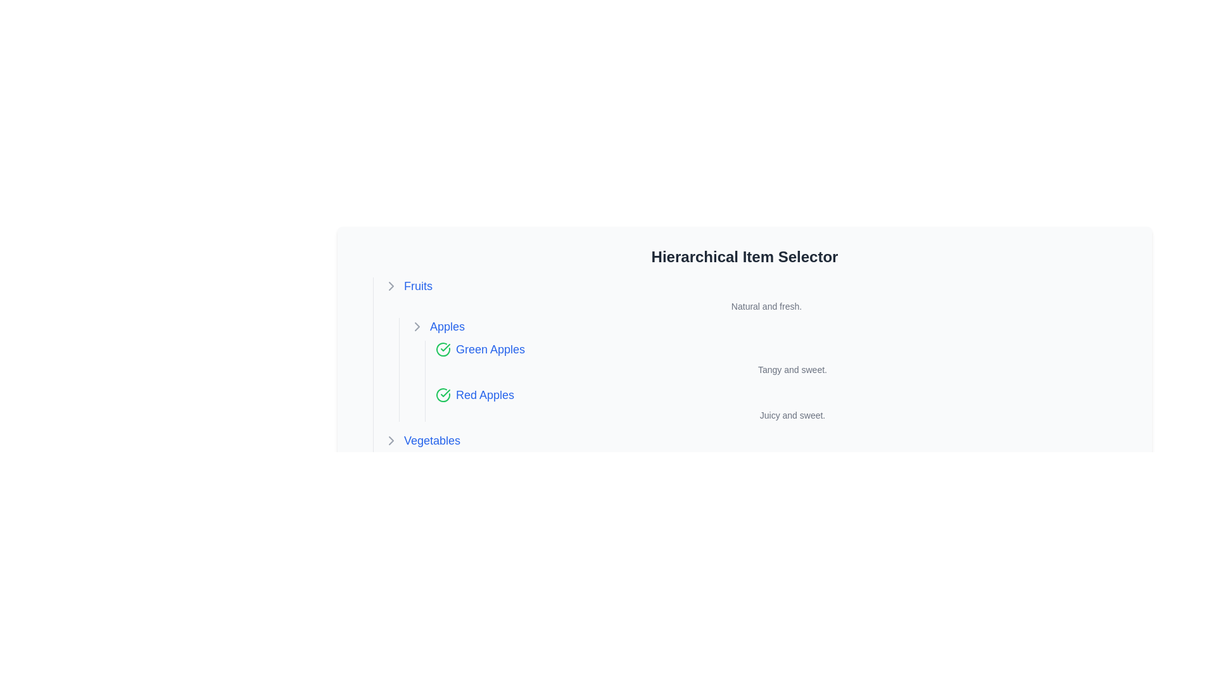 The image size is (1216, 684). I want to click on the toggle icon located to the left of the 'Vegetables' text, so click(391, 440).